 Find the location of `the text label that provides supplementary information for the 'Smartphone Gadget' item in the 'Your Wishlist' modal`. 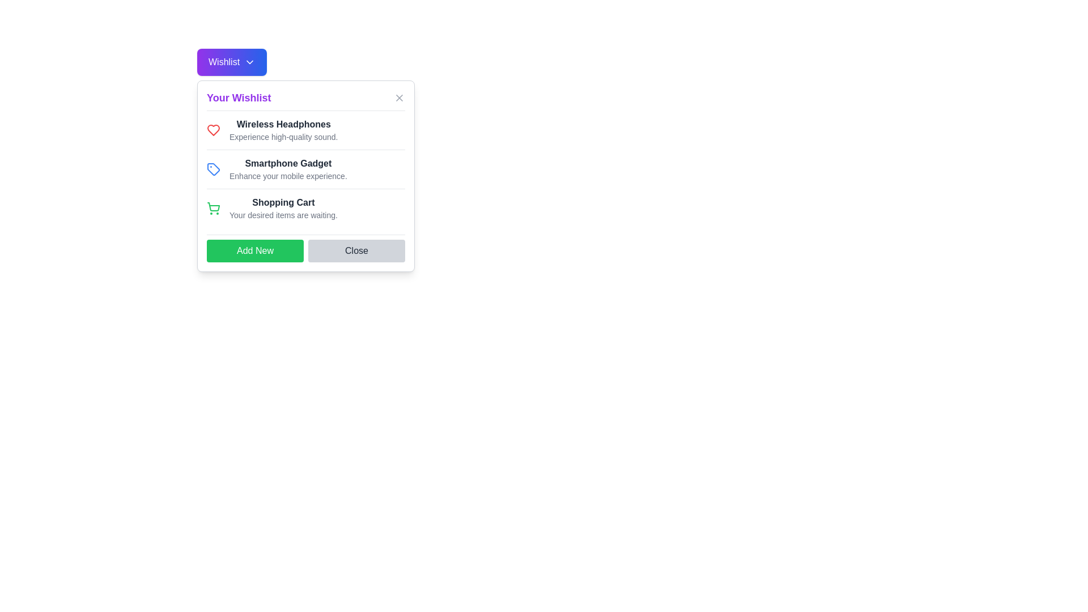

the text label that provides supplementary information for the 'Smartphone Gadget' item in the 'Your Wishlist' modal is located at coordinates (288, 176).